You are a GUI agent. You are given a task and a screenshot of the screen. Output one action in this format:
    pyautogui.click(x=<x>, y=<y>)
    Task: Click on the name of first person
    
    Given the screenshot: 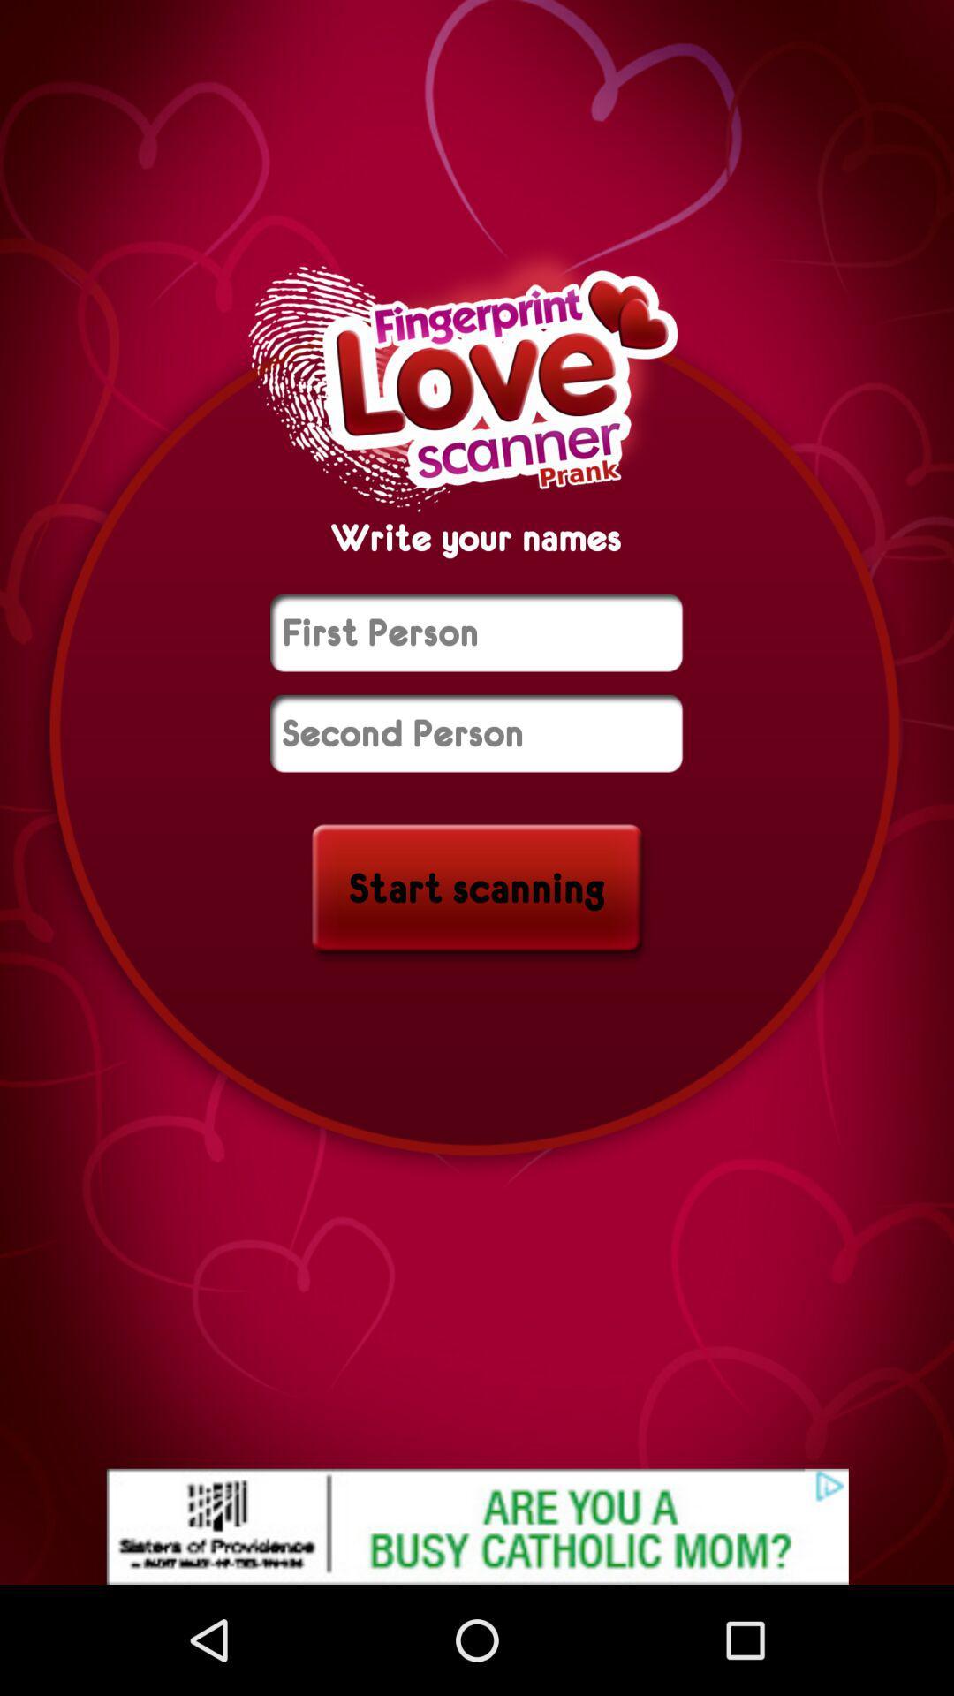 What is the action you would take?
    pyautogui.click(x=475, y=632)
    